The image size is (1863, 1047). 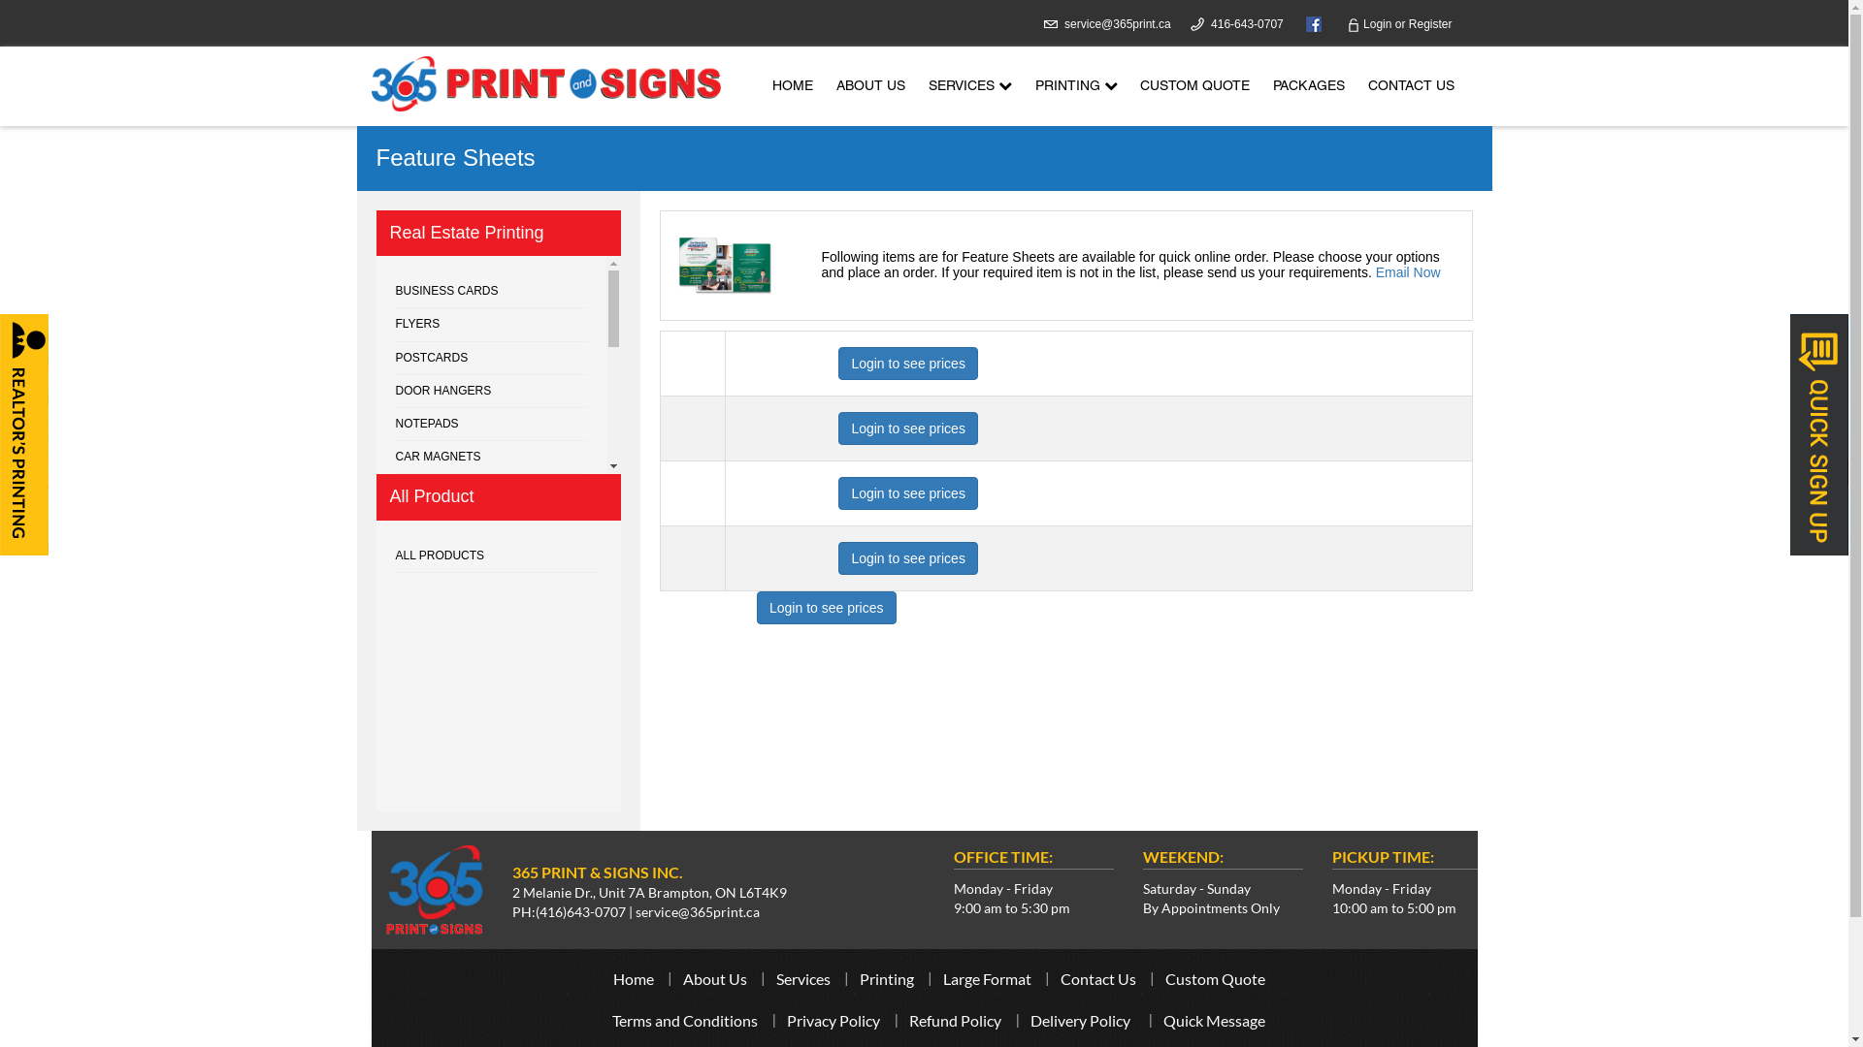 What do you see at coordinates (987, 978) in the screenshot?
I see `'Large Format'` at bounding box center [987, 978].